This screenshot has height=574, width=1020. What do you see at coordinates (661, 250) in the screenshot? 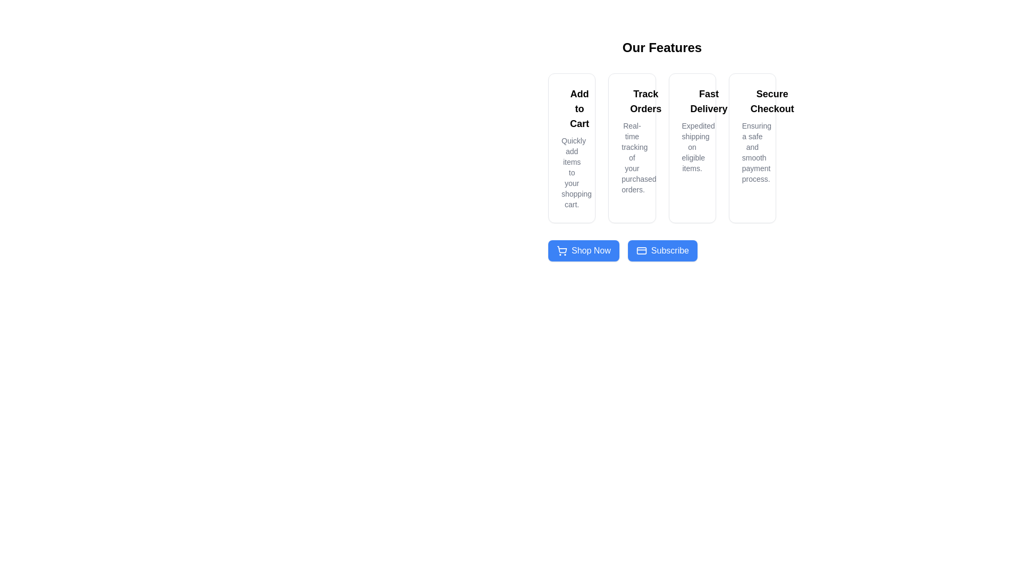
I see `the 'Shop Now' button` at bounding box center [661, 250].